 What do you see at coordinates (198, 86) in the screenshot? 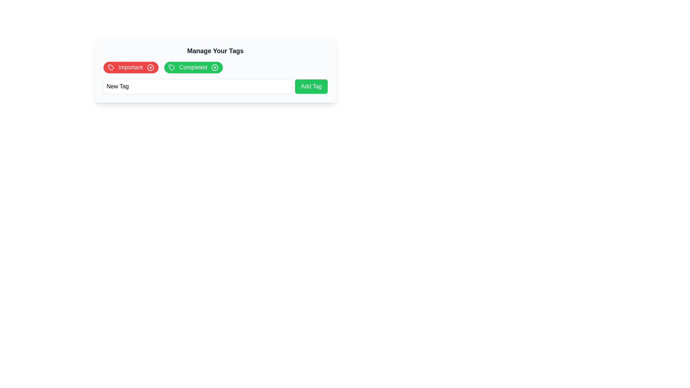
I see `the input field and type the new tag name` at bounding box center [198, 86].